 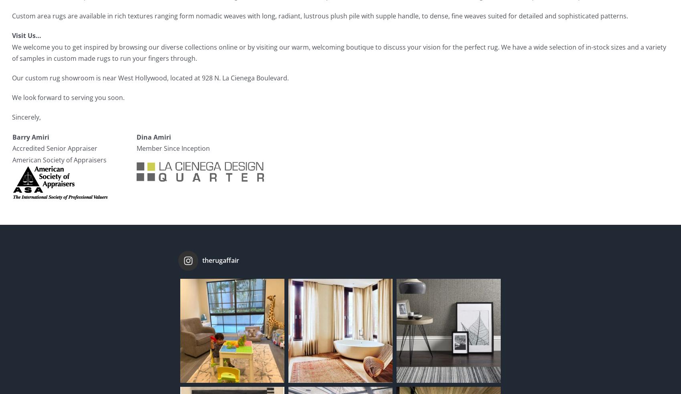 I want to click on 'American Society of Appraisers', so click(x=59, y=160).